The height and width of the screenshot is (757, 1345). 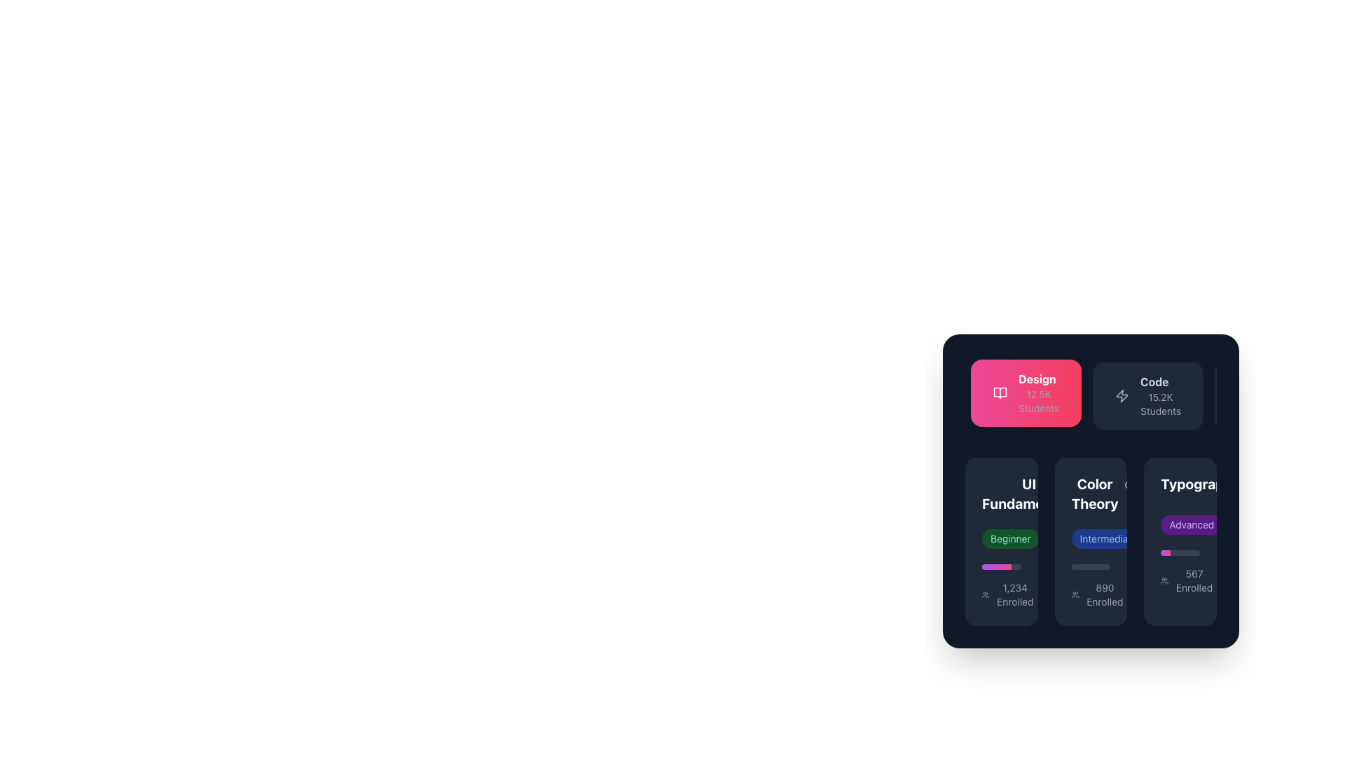 What do you see at coordinates (1191, 524) in the screenshot?
I see `the 'Advanced' label indicating the skill level in the 'Typography' section located in the lower-right corner of the interface` at bounding box center [1191, 524].